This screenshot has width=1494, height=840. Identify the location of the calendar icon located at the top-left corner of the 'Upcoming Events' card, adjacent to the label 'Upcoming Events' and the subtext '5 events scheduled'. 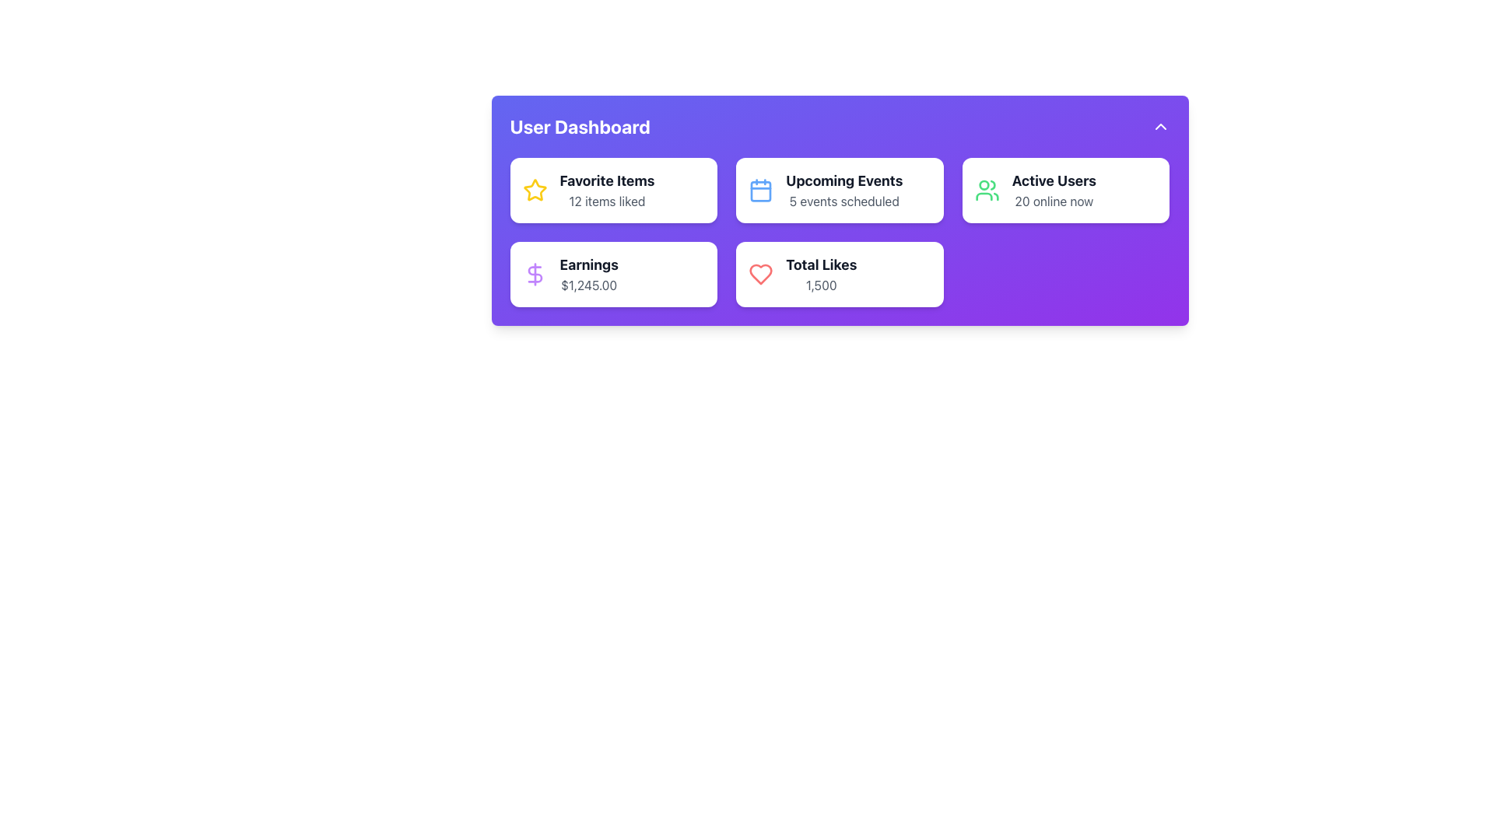
(761, 190).